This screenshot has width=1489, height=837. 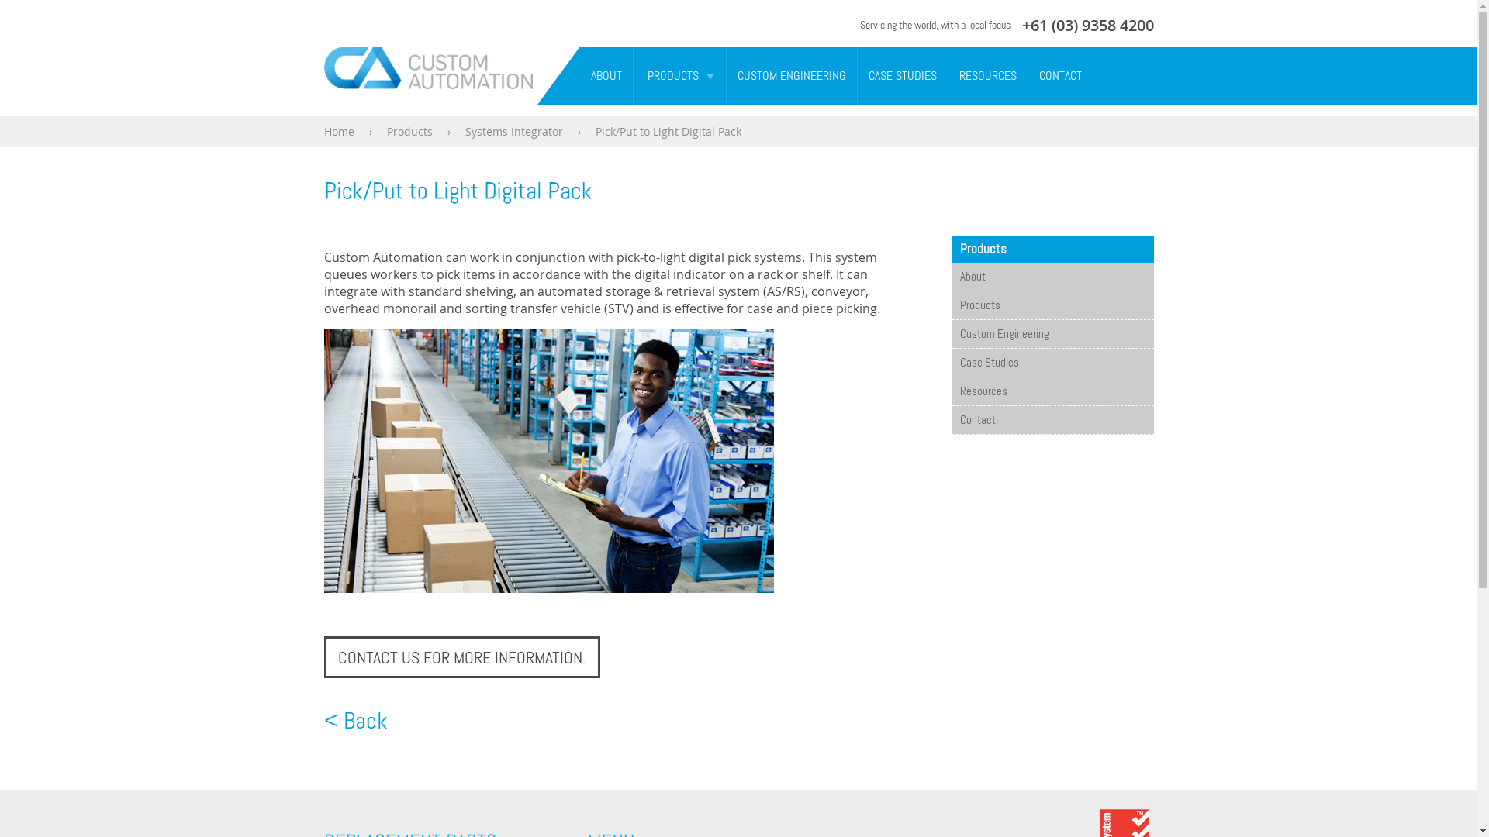 What do you see at coordinates (1052, 333) in the screenshot?
I see `'Custom Engineering'` at bounding box center [1052, 333].